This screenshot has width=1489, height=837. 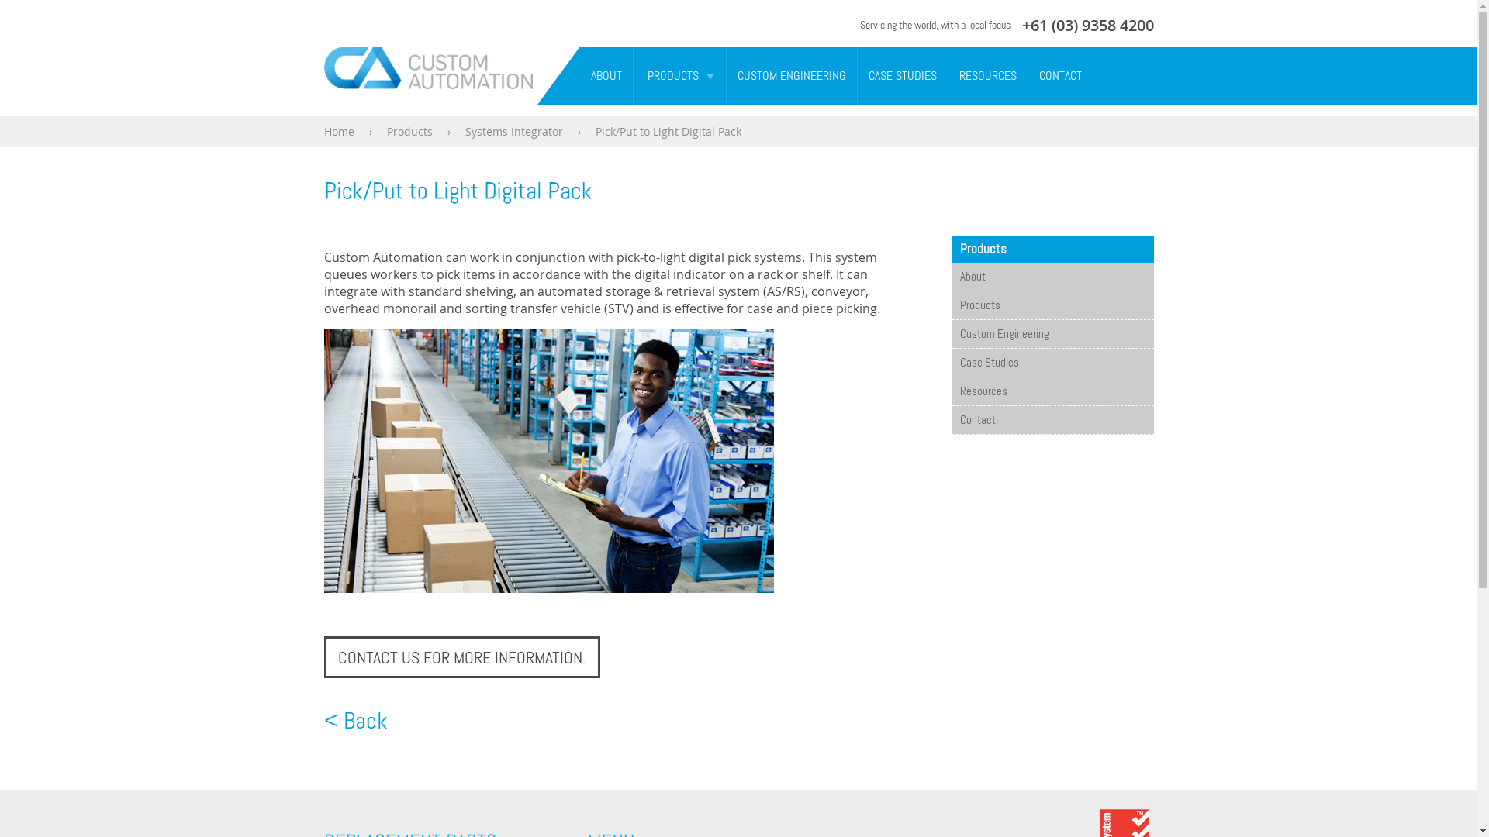 What do you see at coordinates (1052, 333) in the screenshot?
I see `'Custom Engineering'` at bounding box center [1052, 333].